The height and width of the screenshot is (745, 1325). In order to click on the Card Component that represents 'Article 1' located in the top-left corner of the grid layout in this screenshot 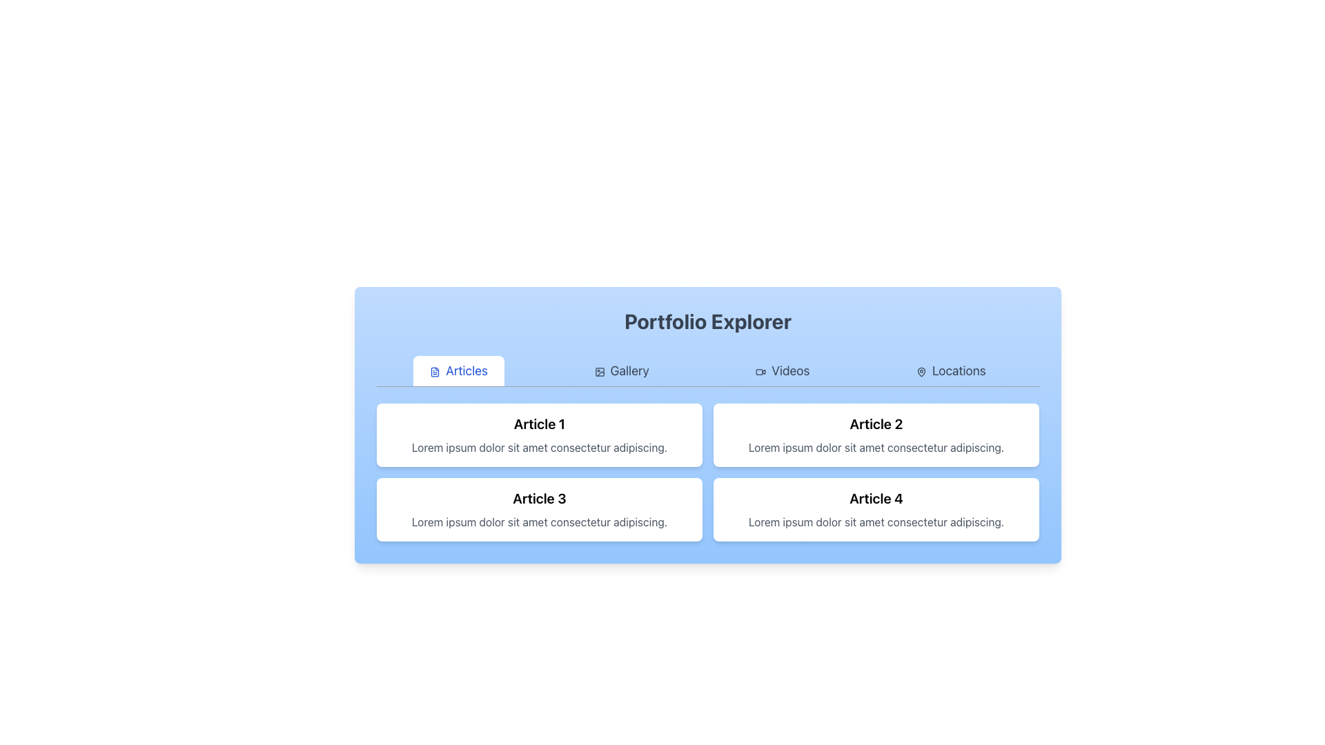, I will do `click(539, 435)`.